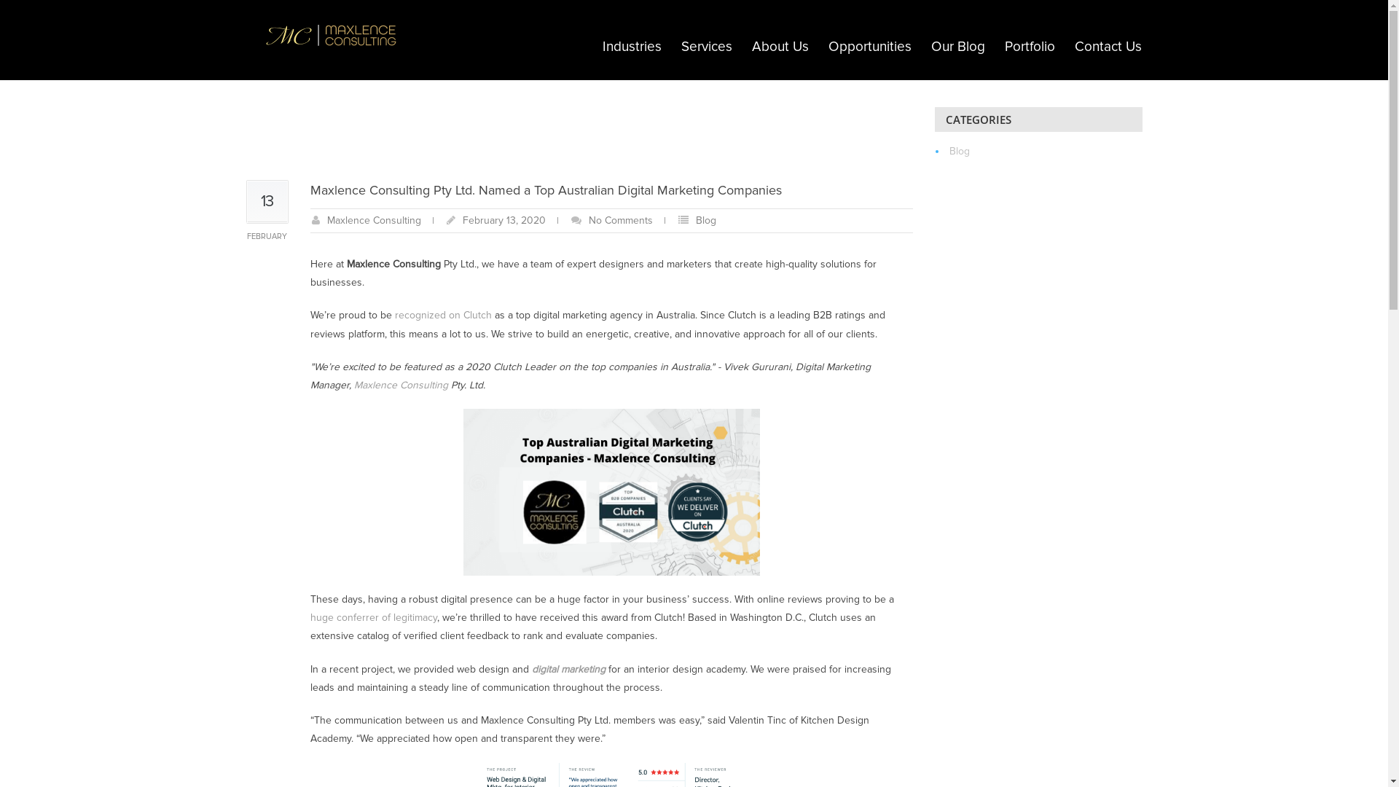 The width and height of the screenshot is (1399, 787). I want to click on 'About Us', so click(779, 46).